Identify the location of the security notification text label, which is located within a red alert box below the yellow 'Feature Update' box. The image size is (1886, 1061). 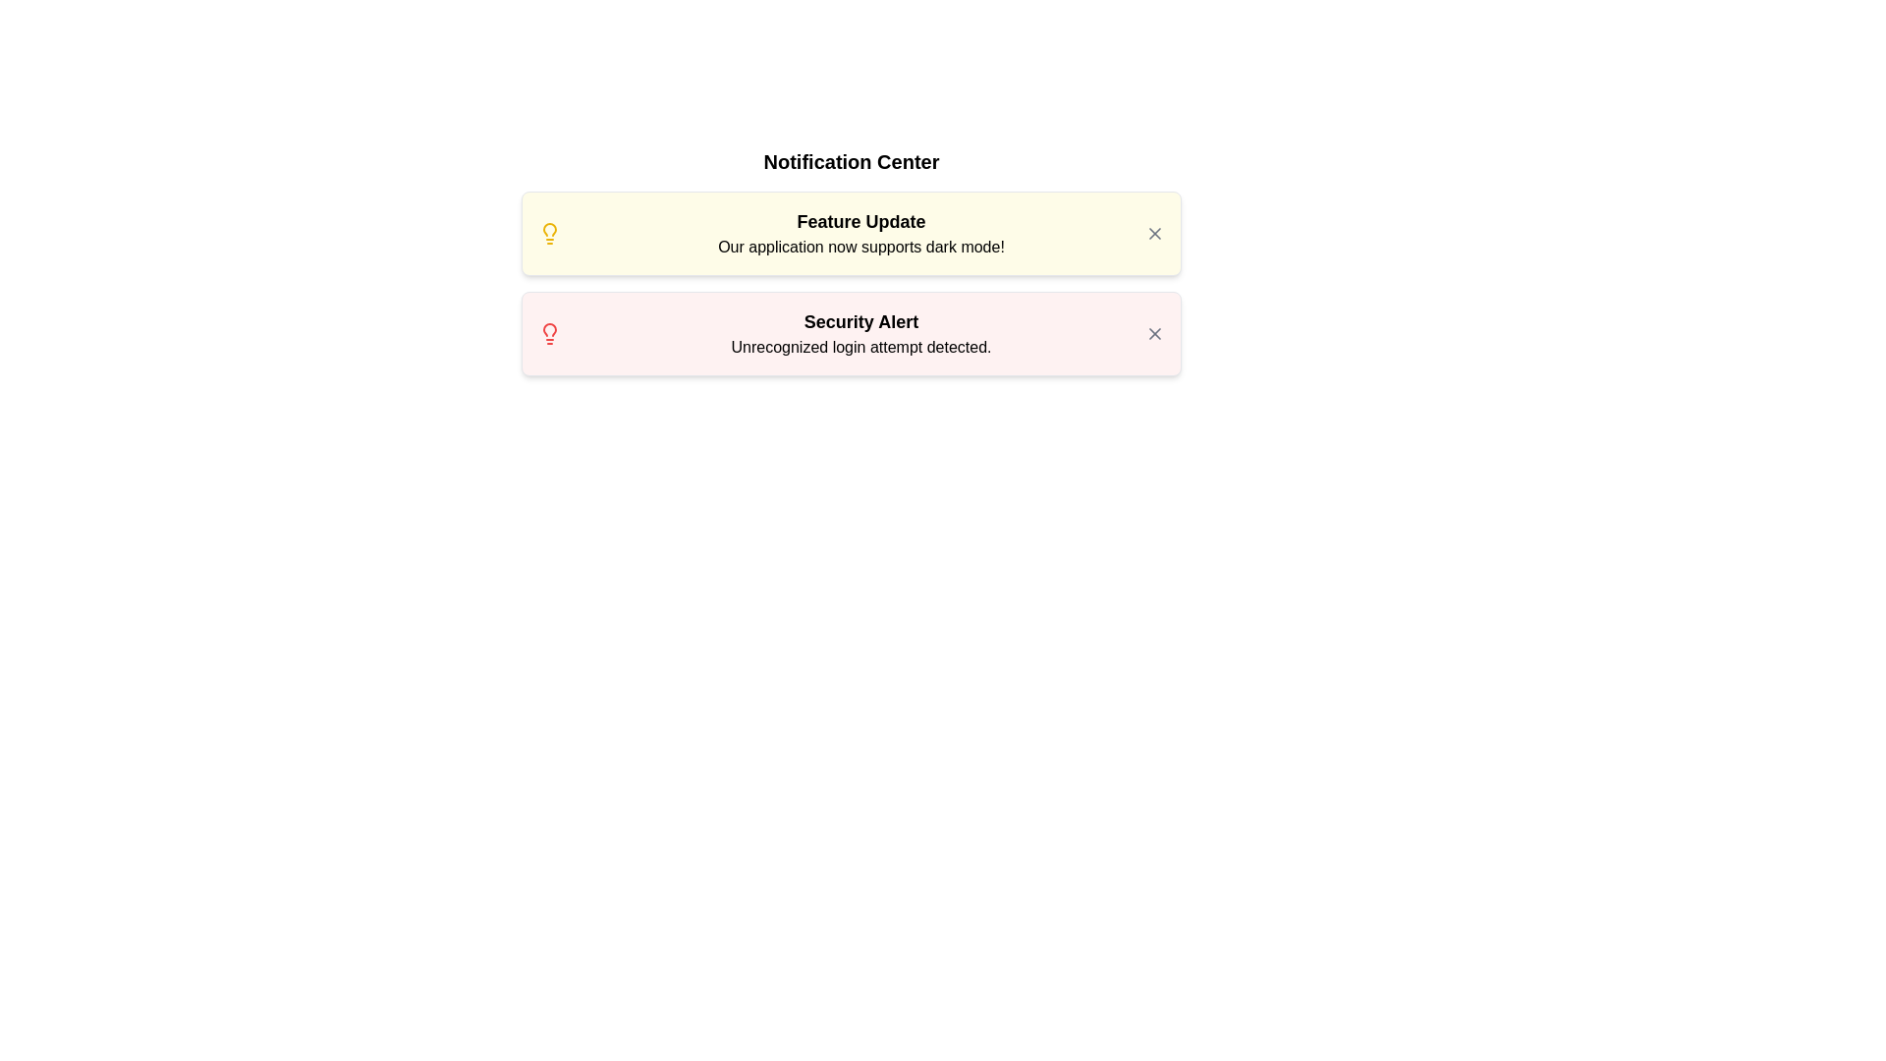
(861, 332).